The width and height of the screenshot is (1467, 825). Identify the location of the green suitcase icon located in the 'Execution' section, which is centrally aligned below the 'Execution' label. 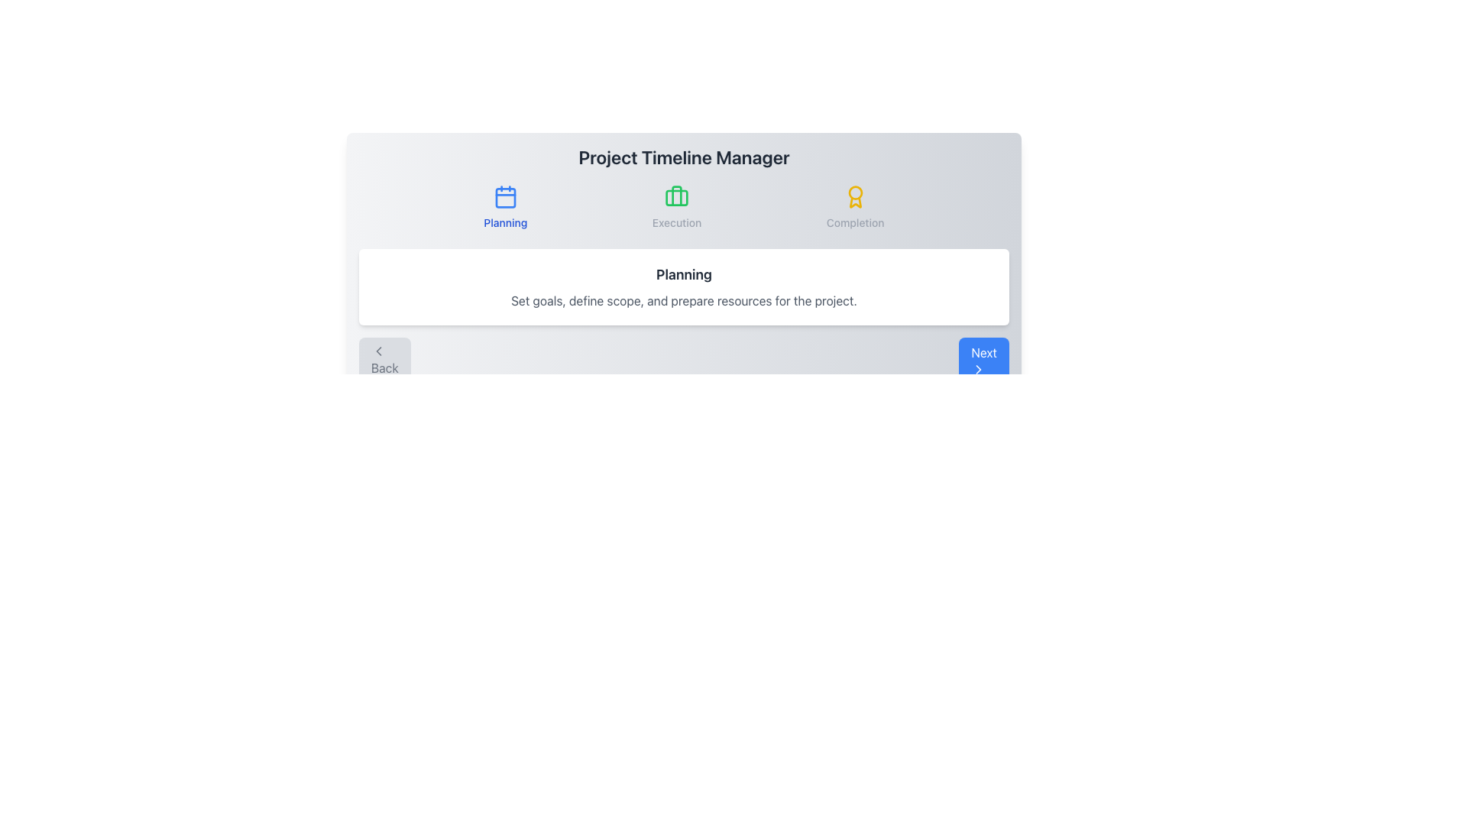
(676, 196).